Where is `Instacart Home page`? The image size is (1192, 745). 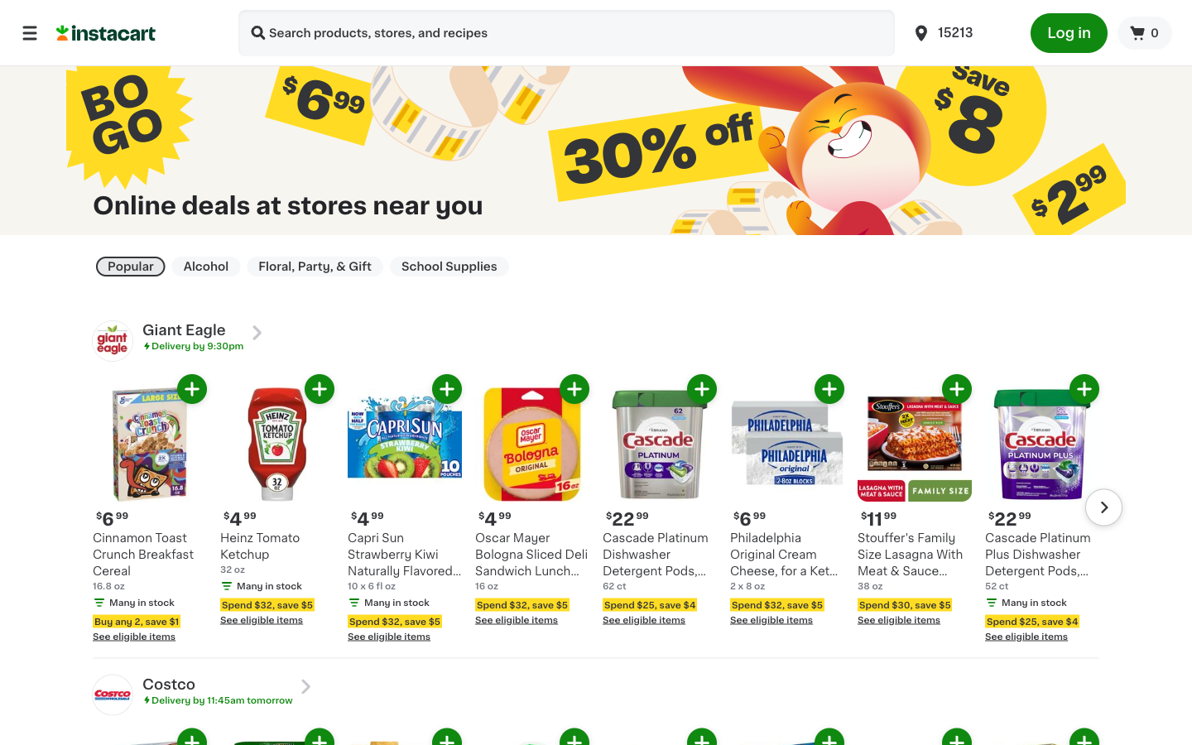
Instacart Home page is located at coordinates (137, 31).